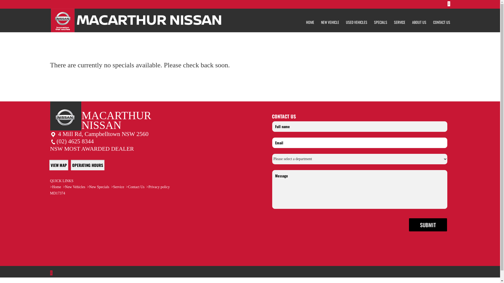 This screenshot has height=283, width=504. Describe the element at coordinates (428, 224) in the screenshot. I see `'Submit'` at that location.